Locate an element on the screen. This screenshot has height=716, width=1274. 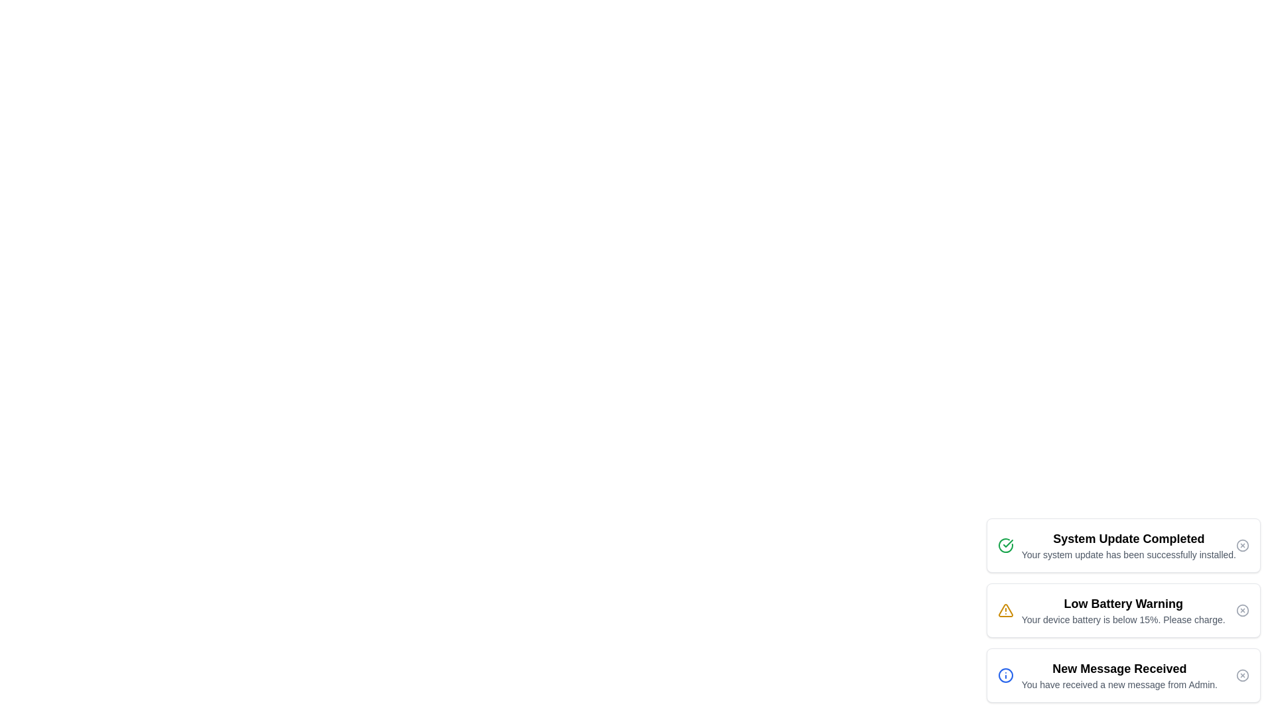
the text content block inside the notification component that informs the user about low battery status, located between 'System Update Completed' and 'New Message Received' notifications is located at coordinates (1123, 611).